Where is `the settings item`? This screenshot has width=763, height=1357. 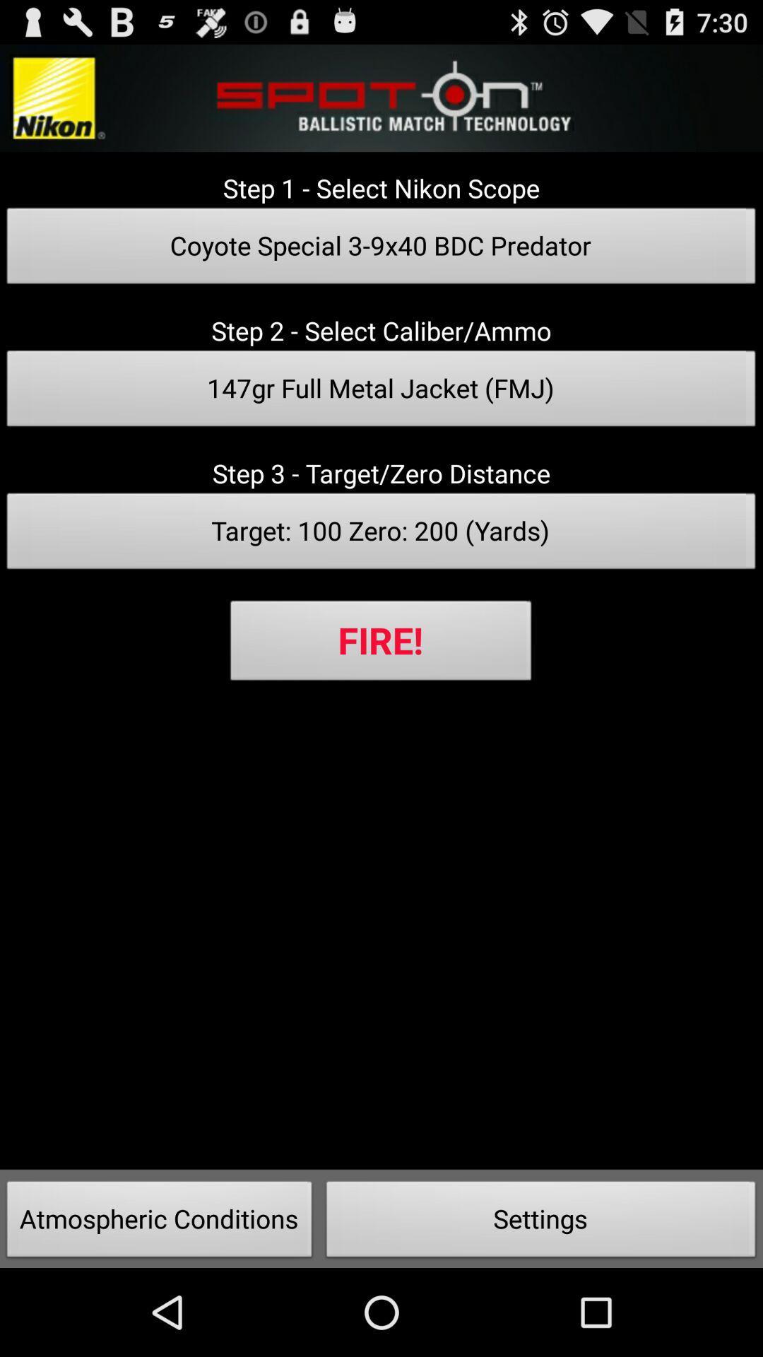
the settings item is located at coordinates (540, 1223).